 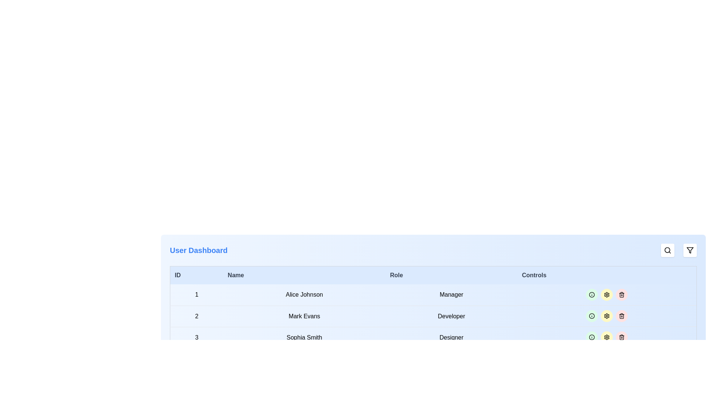 What do you see at coordinates (196, 294) in the screenshot?
I see `the 'ID' text element in the first row of the table corresponding to the user 'Alice Johnson'` at bounding box center [196, 294].